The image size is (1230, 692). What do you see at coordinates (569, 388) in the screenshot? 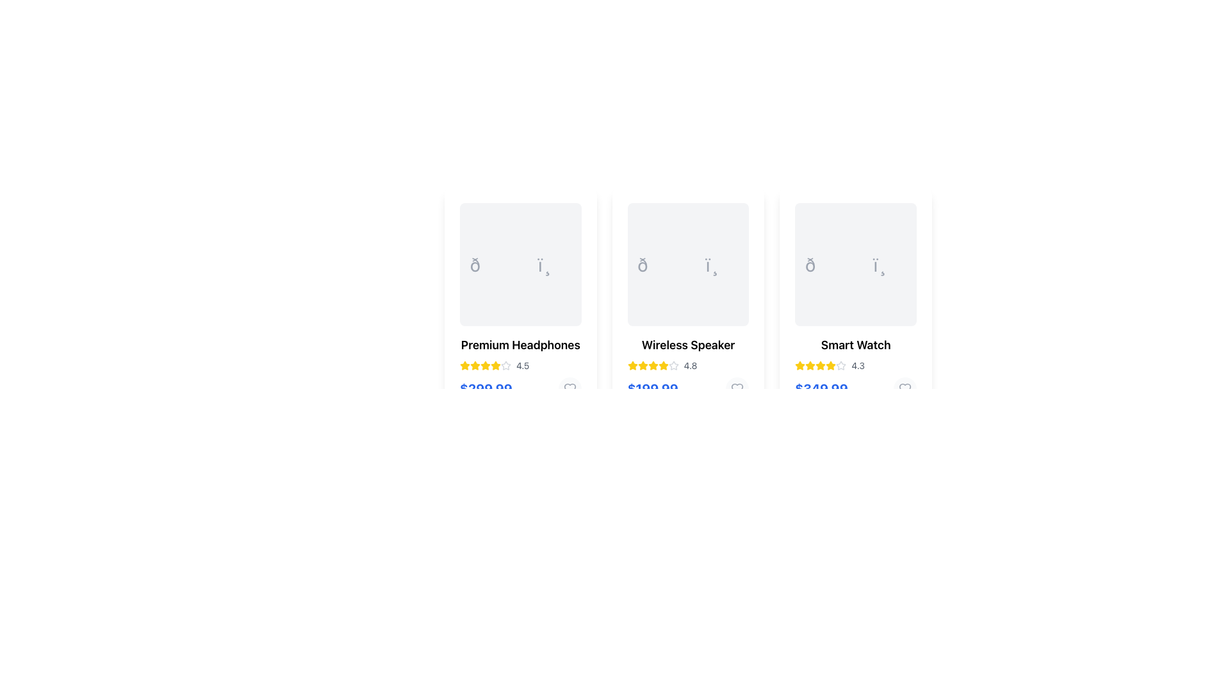
I see `the heart-shaped icon button in the bottom right region of the 'Premium Headphones' card` at bounding box center [569, 388].